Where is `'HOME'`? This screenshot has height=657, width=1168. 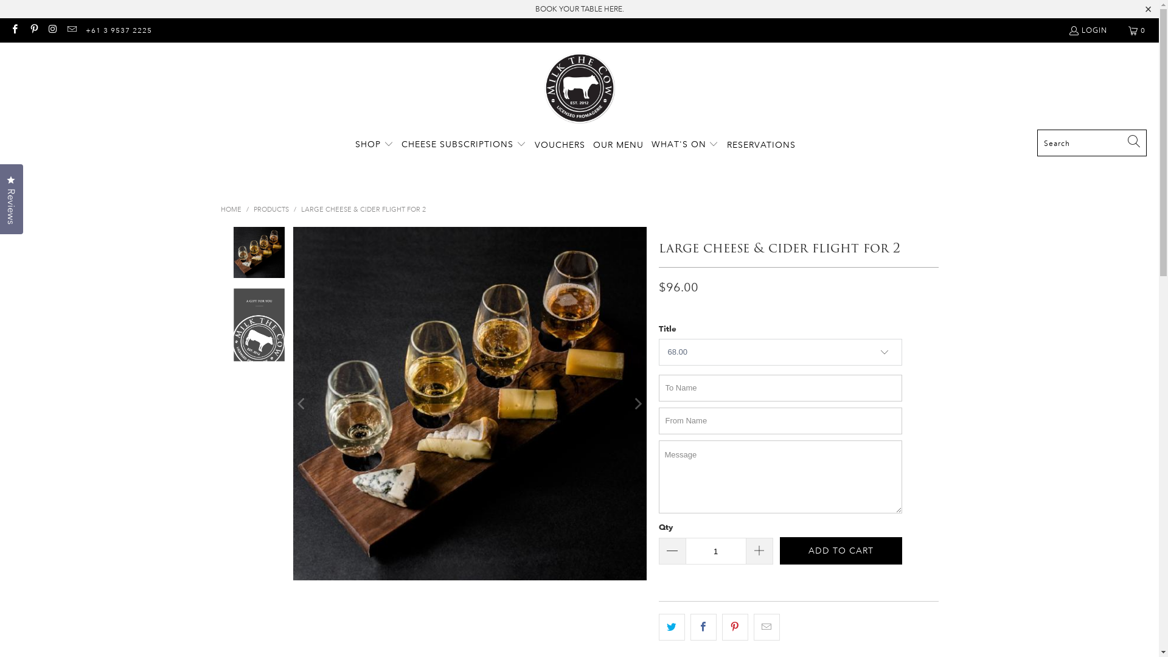
'HOME' is located at coordinates (231, 209).